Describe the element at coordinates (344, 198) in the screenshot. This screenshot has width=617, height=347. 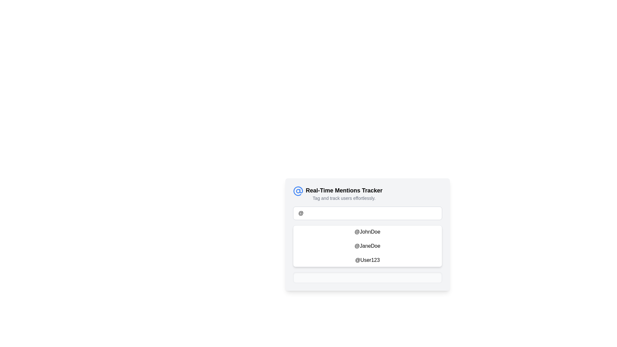
I see `subtext element that displays the text 'Tag and track users effortlessly.' located beneath the header 'Real-Time Mentions Tracker.'` at that location.